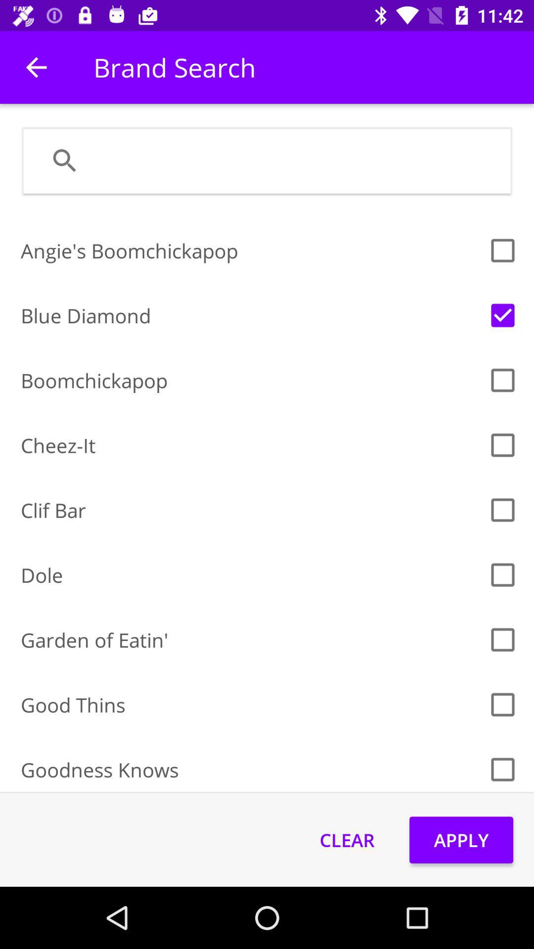  What do you see at coordinates (36, 67) in the screenshot?
I see `the item to the left of the brand search icon` at bounding box center [36, 67].